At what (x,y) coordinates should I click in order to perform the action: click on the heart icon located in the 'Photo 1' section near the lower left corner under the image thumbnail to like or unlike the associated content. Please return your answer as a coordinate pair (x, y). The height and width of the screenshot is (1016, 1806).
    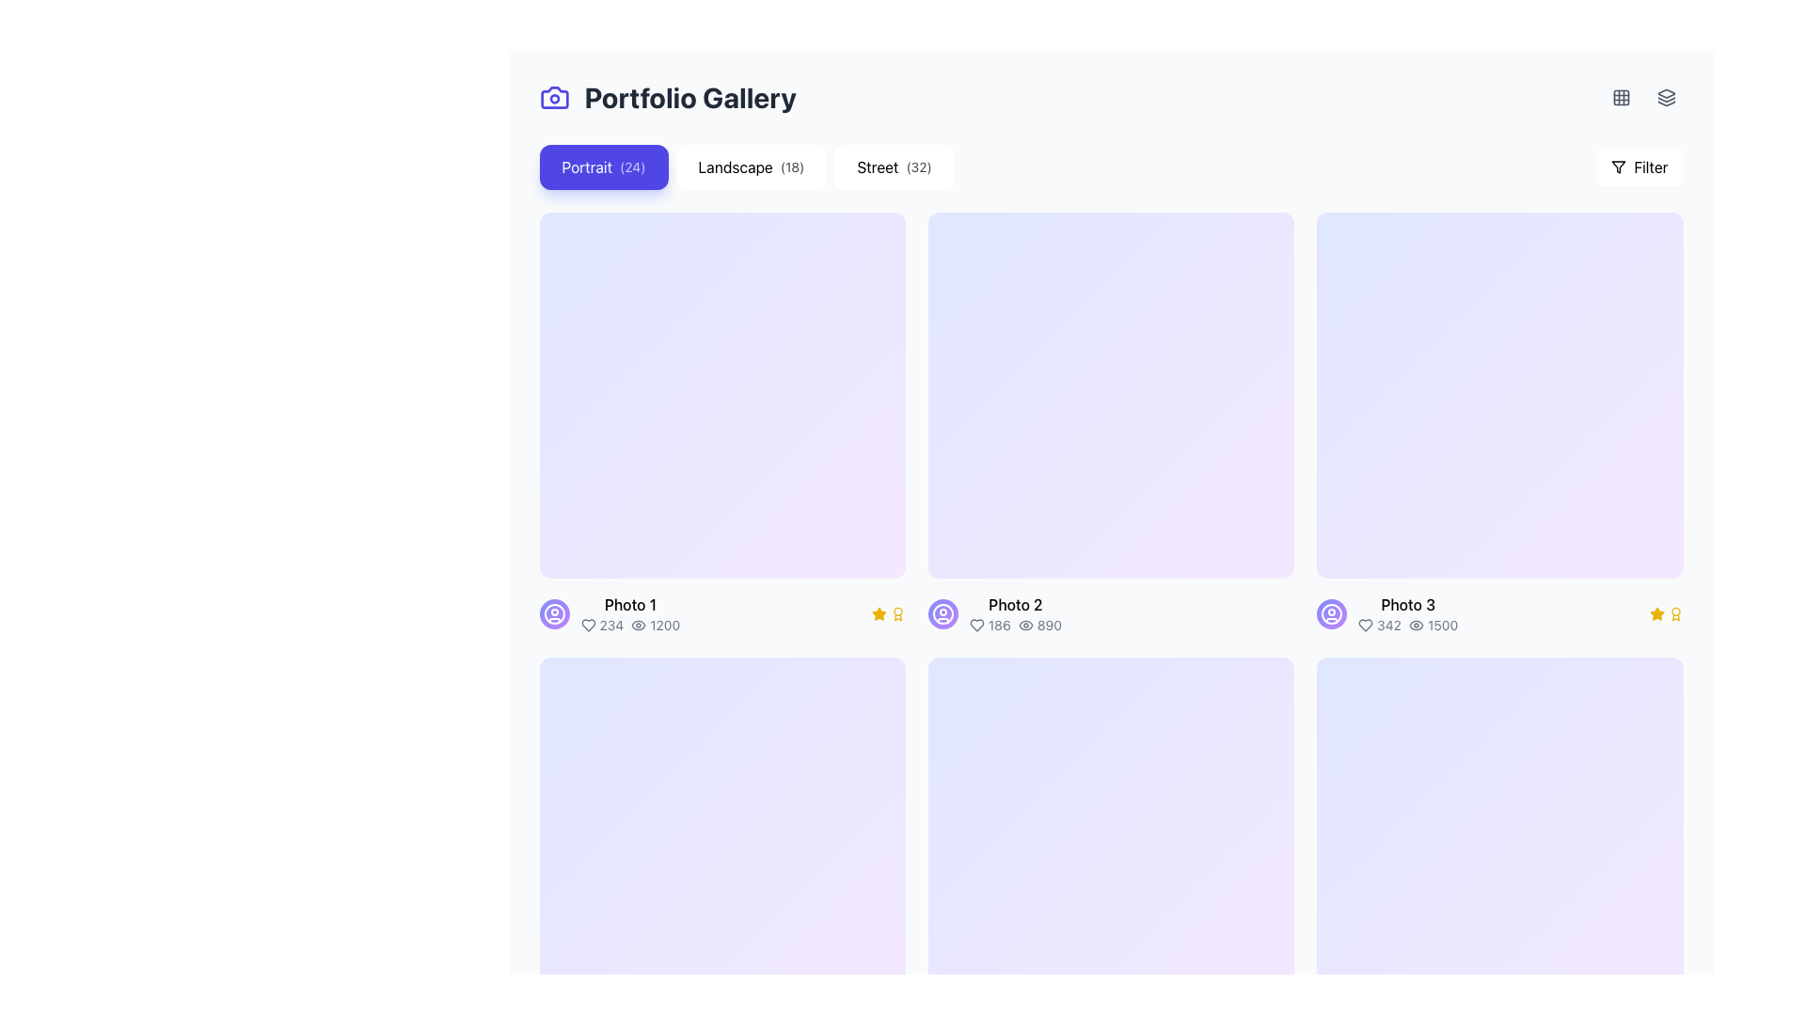
    Looking at the image, I should click on (587, 626).